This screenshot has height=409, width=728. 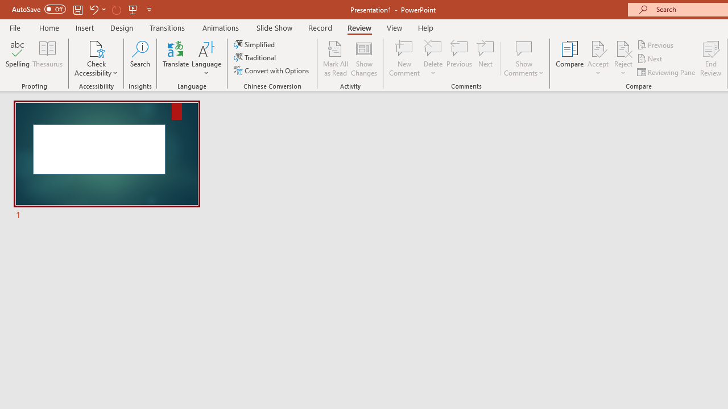 I want to click on 'Reviewing Pane', so click(x=667, y=72).